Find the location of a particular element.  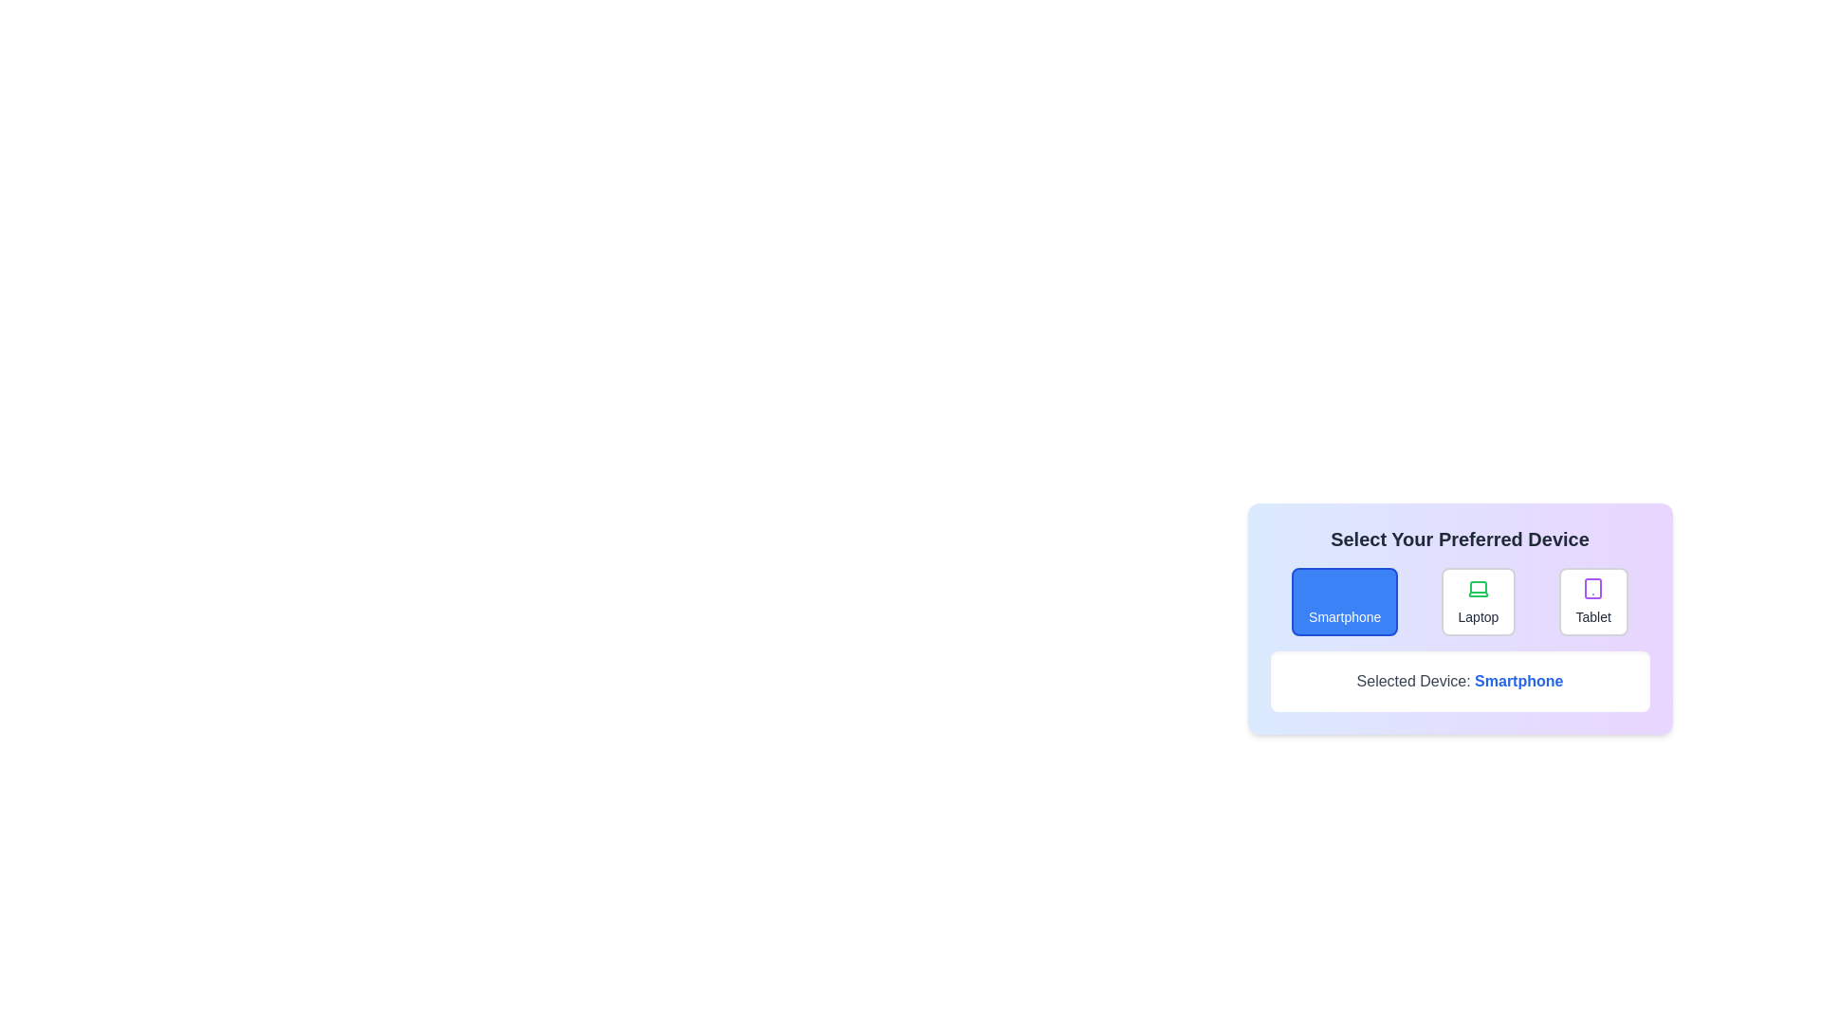

the 'Laptop' button is located at coordinates (1459, 602).